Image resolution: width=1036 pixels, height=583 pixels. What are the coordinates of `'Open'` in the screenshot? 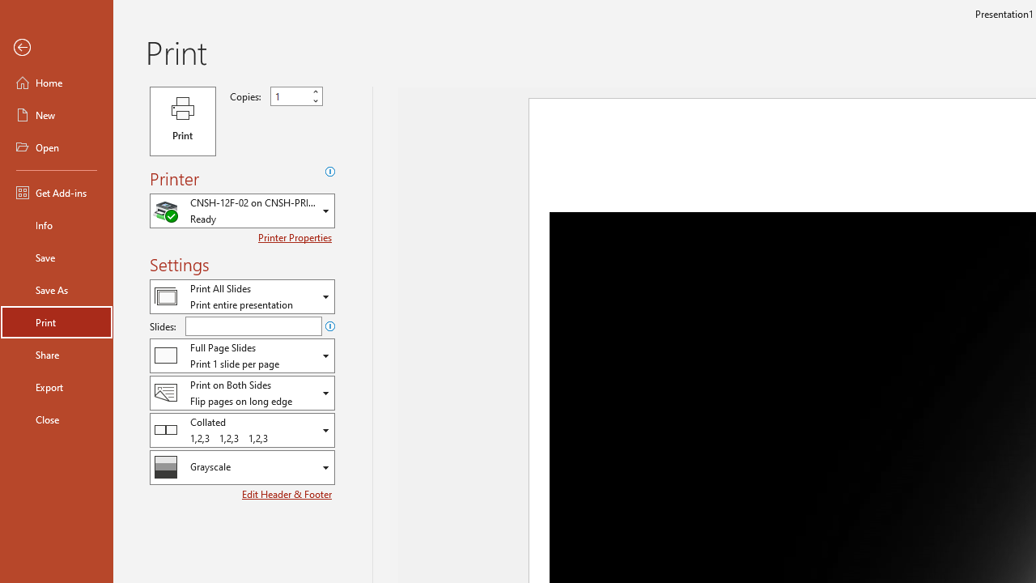 It's located at (56, 147).